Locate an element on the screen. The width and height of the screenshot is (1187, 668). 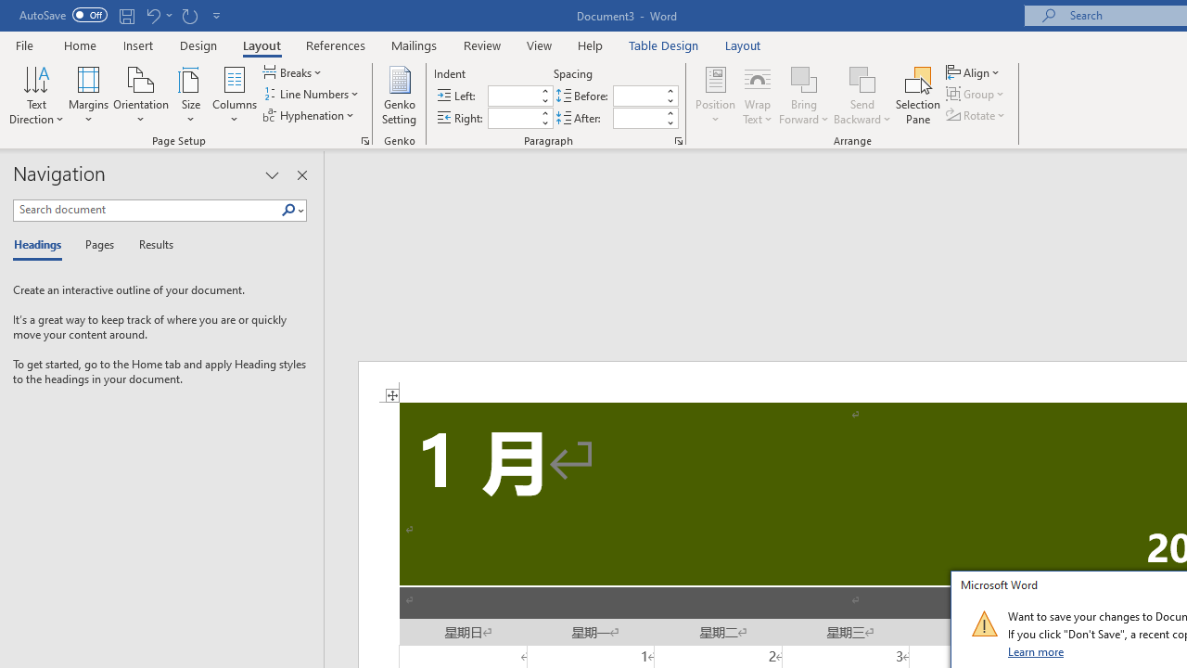
'Bring Forward' is located at coordinates (804, 96).